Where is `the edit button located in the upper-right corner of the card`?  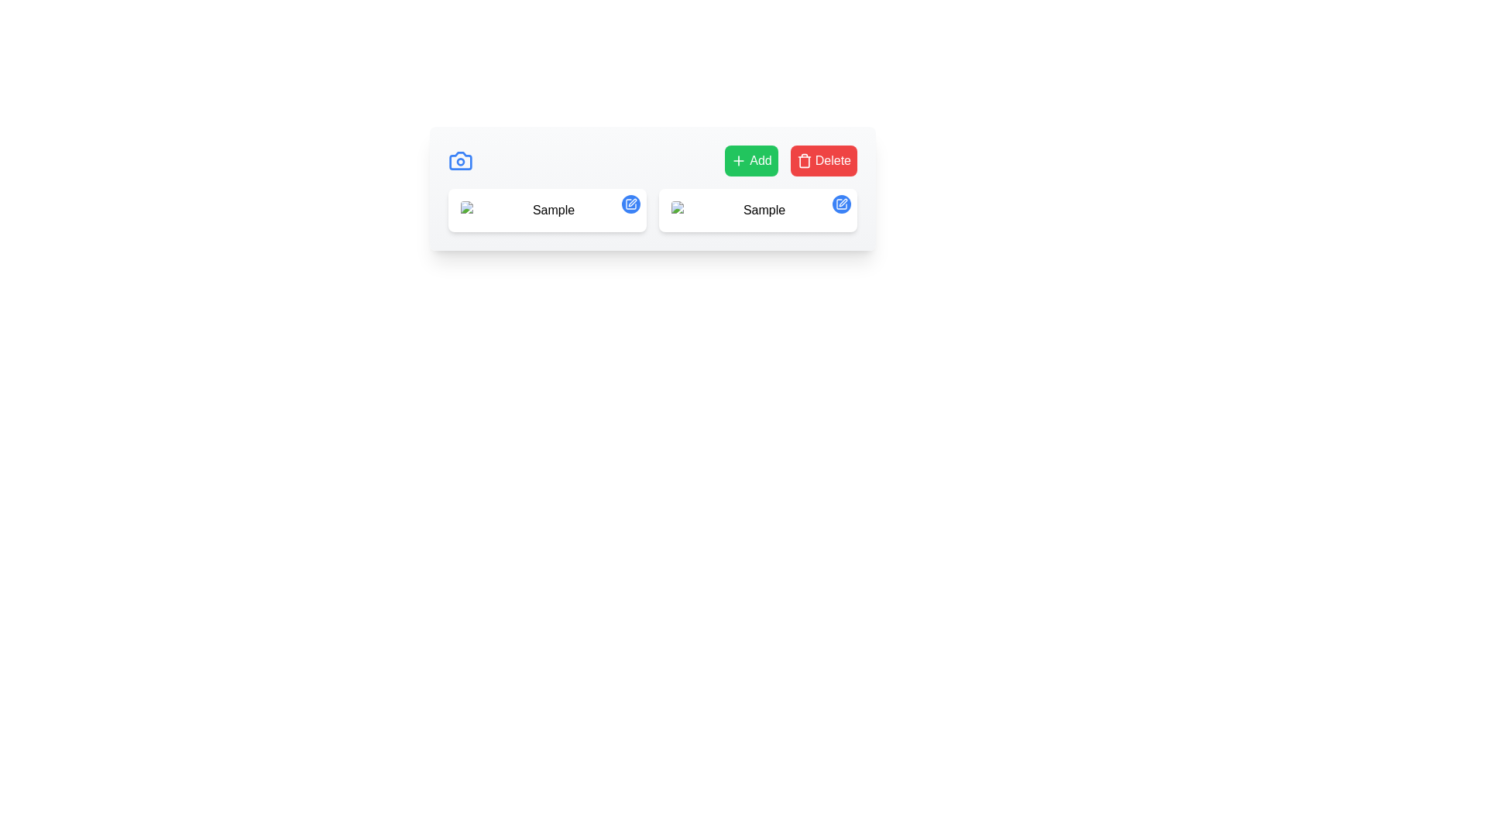 the edit button located in the upper-right corner of the card is located at coordinates (840, 203).